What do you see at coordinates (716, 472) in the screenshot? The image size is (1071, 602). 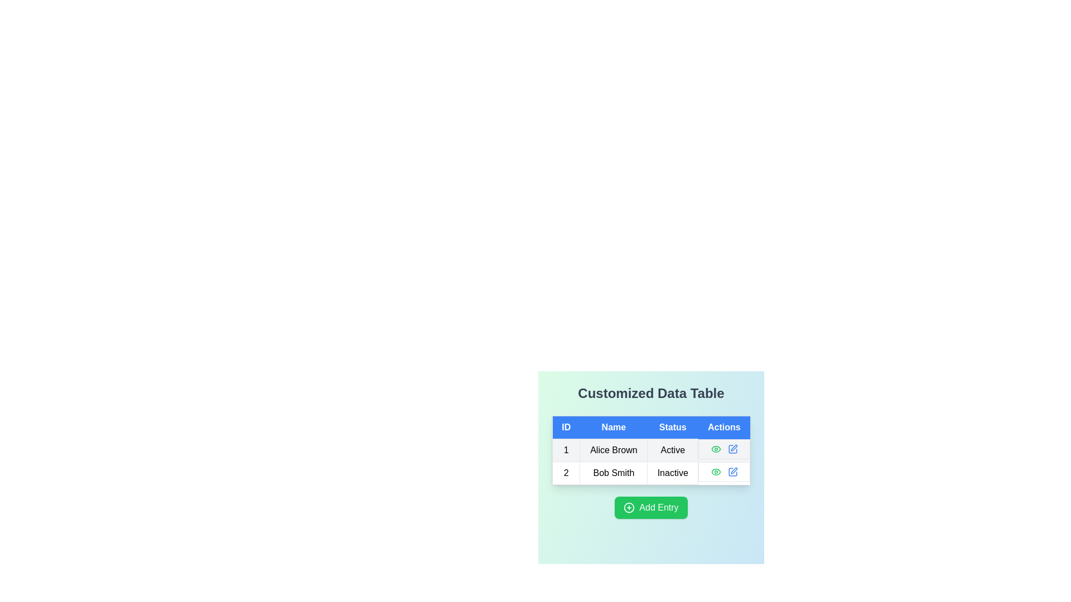 I see `the view action icon button located in the 'Actions' column of the second data row` at bounding box center [716, 472].